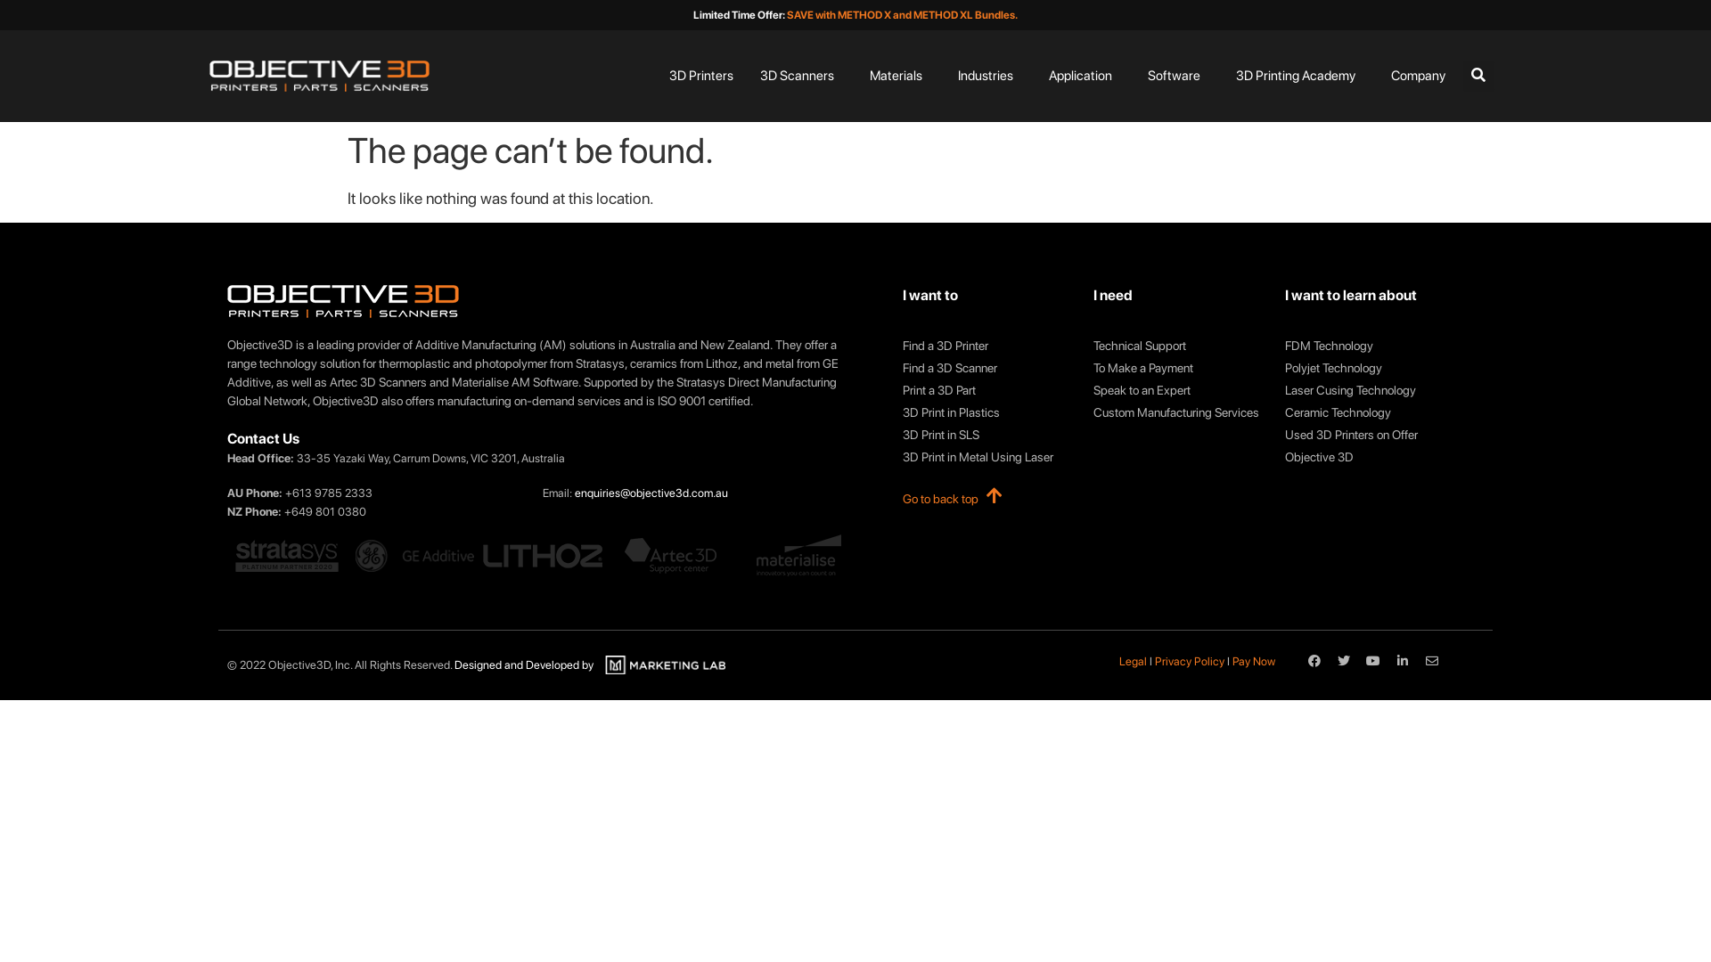 The width and height of the screenshot is (1711, 962). What do you see at coordinates (1369, 412) in the screenshot?
I see `'Ceramic Technology'` at bounding box center [1369, 412].